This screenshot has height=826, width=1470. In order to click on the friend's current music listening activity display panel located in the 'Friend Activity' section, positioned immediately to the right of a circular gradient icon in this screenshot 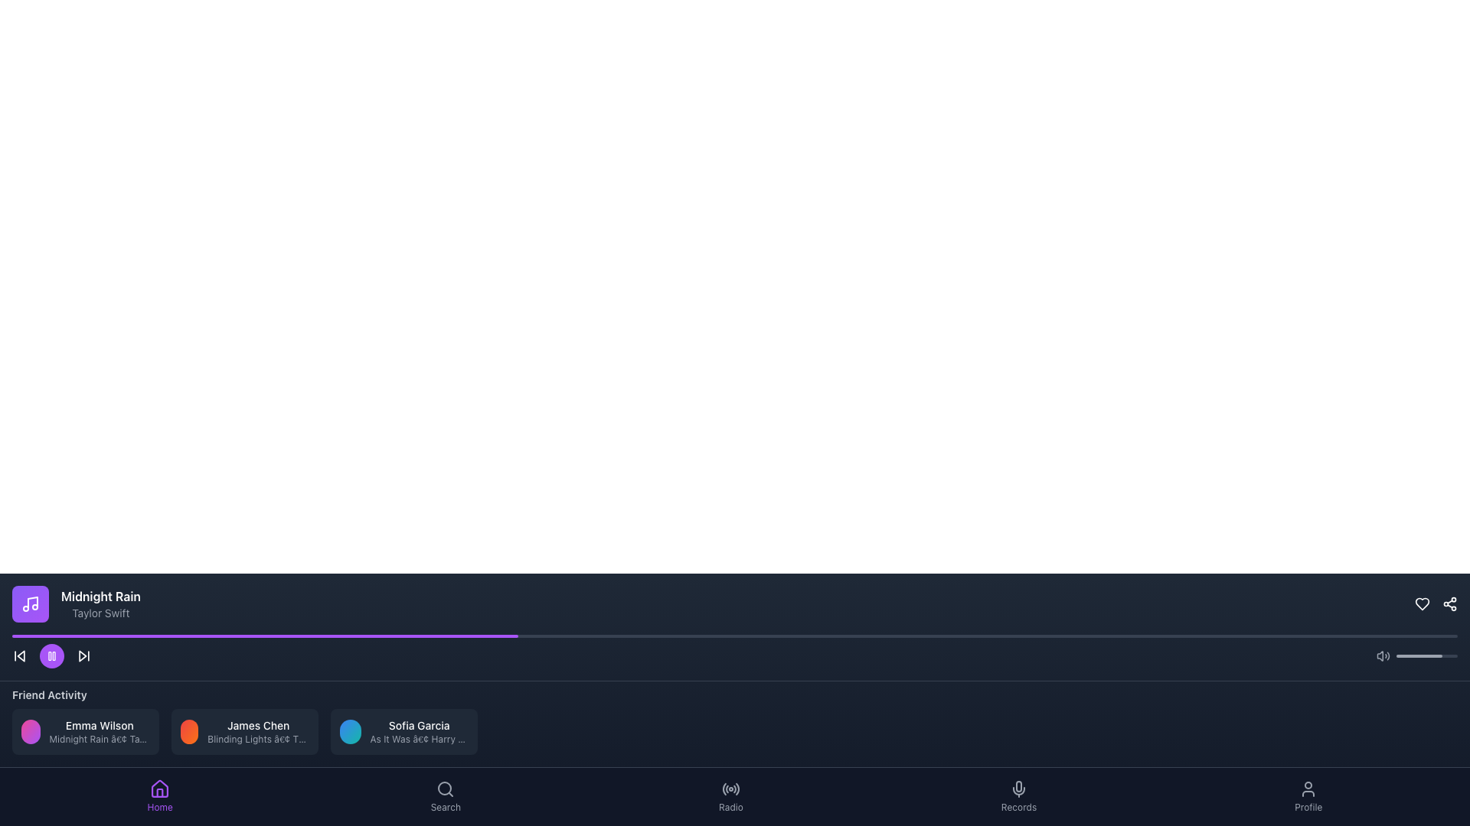, I will do `click(99, 730)`.